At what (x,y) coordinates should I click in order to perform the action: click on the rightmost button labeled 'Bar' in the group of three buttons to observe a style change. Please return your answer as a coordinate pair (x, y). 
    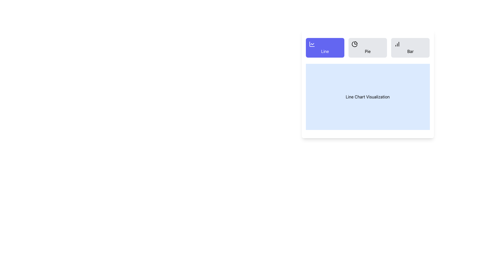
    Looking at the image, I should click on (410, 48).